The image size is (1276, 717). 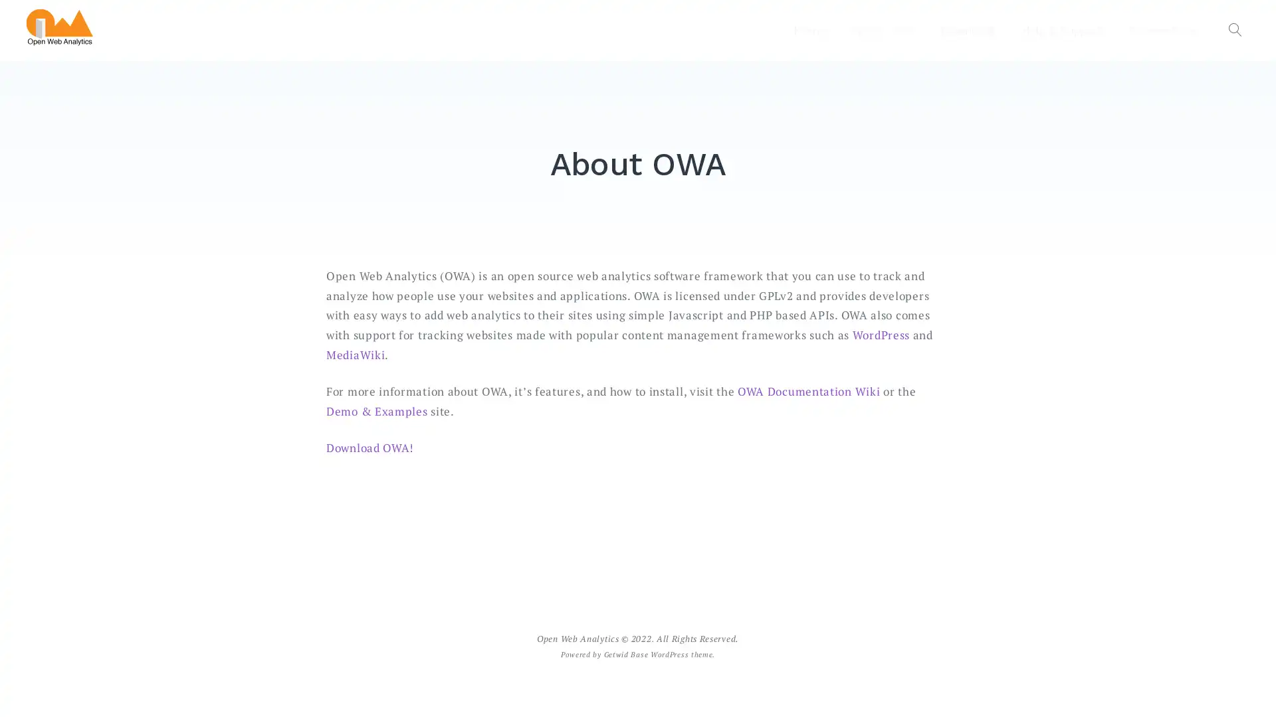 What do you see at coordinates (1235, 30) in the screenshot?
I see `OPEN SEARCH` at bounding box center [1235, 30].